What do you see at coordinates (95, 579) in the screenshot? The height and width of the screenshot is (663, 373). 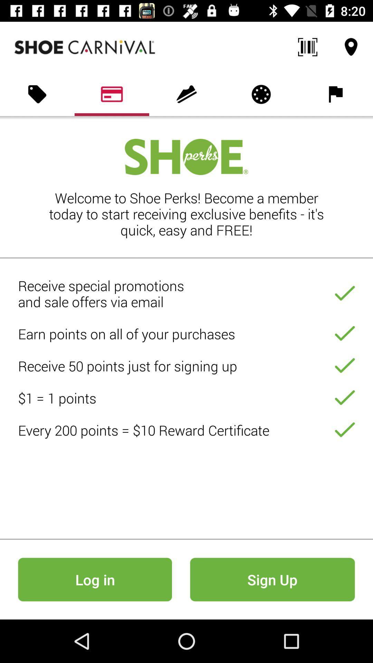 I see `icon next to the sign up icon` at bounding box center [95, 579].